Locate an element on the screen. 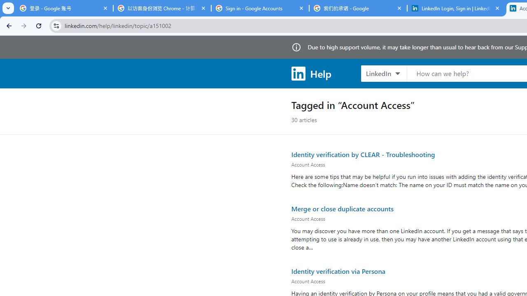 The height and width of the screenshot is (296, 527). 'LinkedIn products to search, LinkedIn selected' is located at coordinates (383, 73).